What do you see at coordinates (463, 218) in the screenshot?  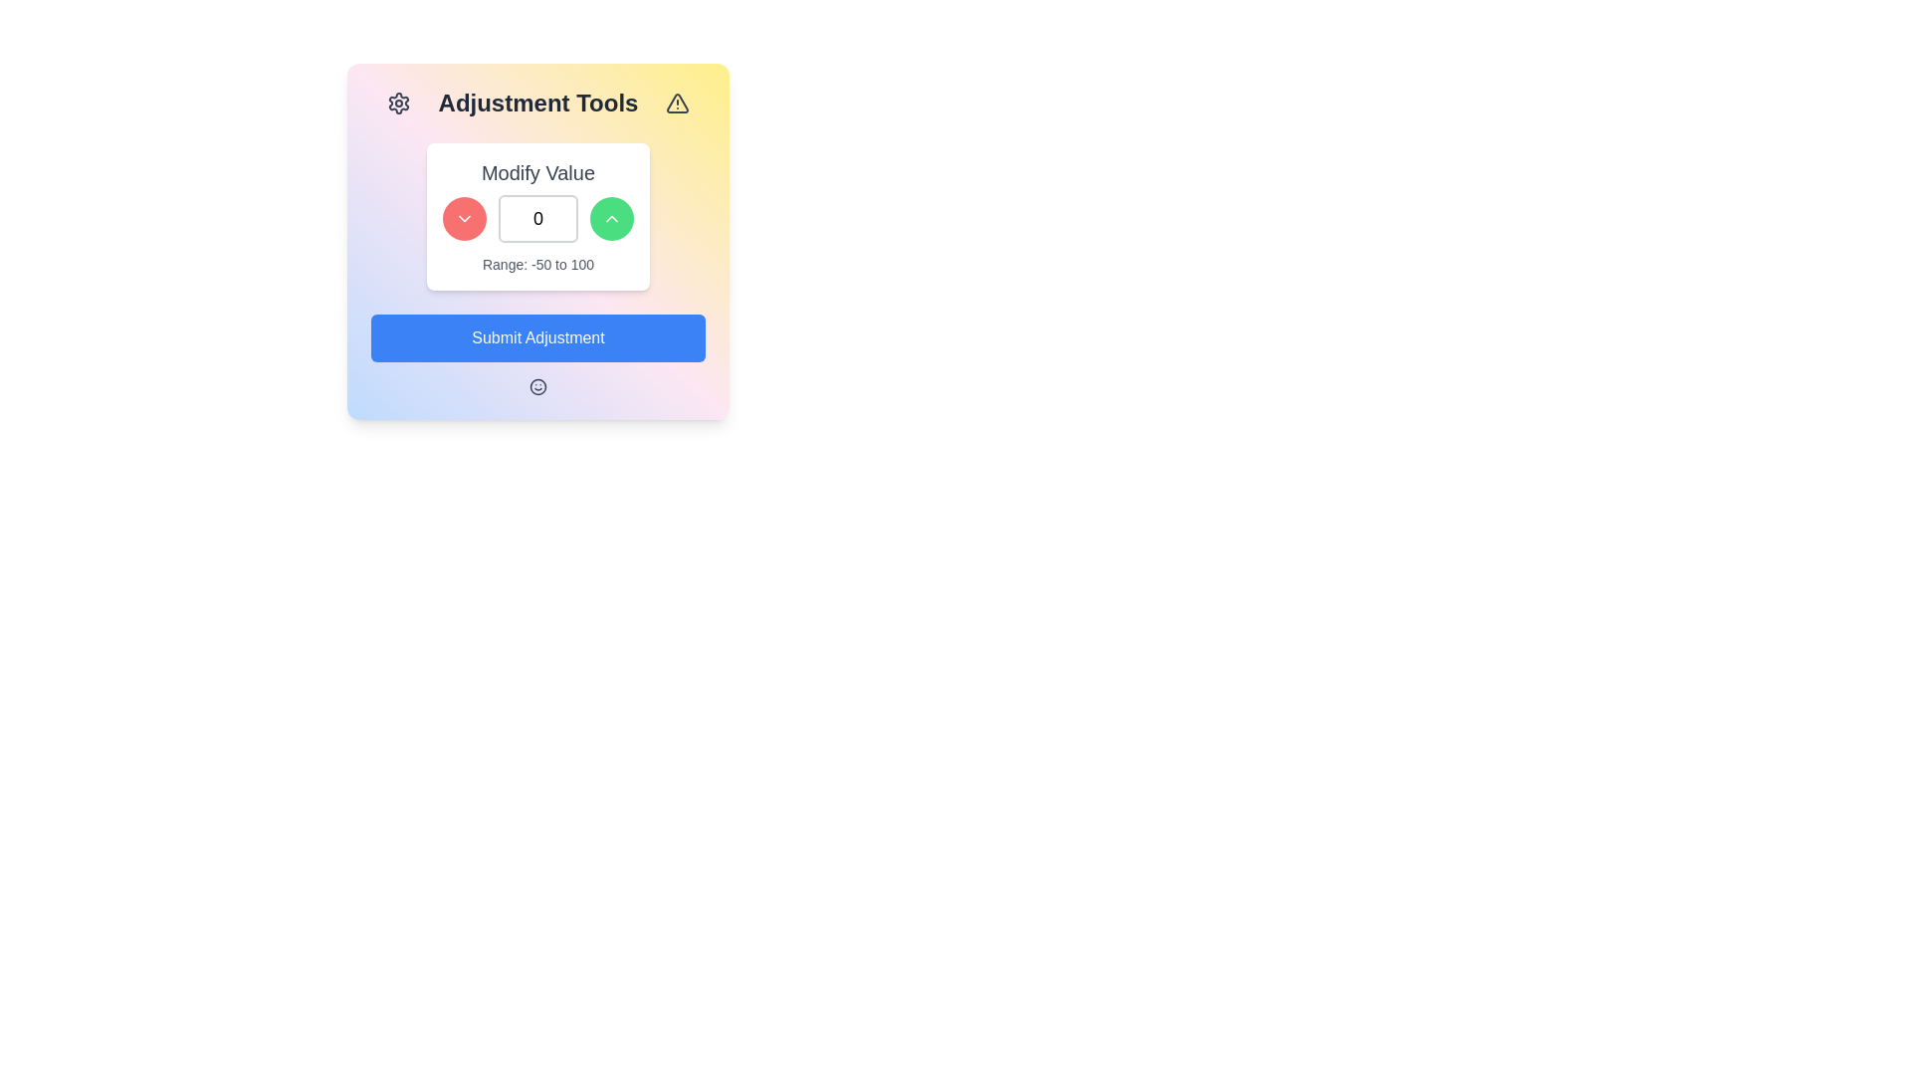 I see `the decrement button located on the left side of the value display field under the label 'Modify Value' for keyboard interaction` at bounding box center [463, 218].